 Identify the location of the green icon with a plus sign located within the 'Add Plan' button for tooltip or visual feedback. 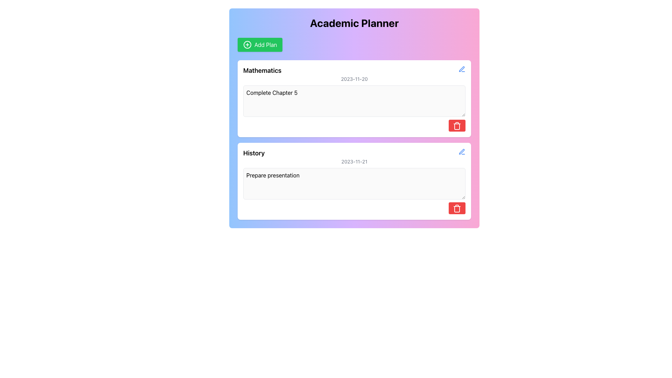
(247, 44).